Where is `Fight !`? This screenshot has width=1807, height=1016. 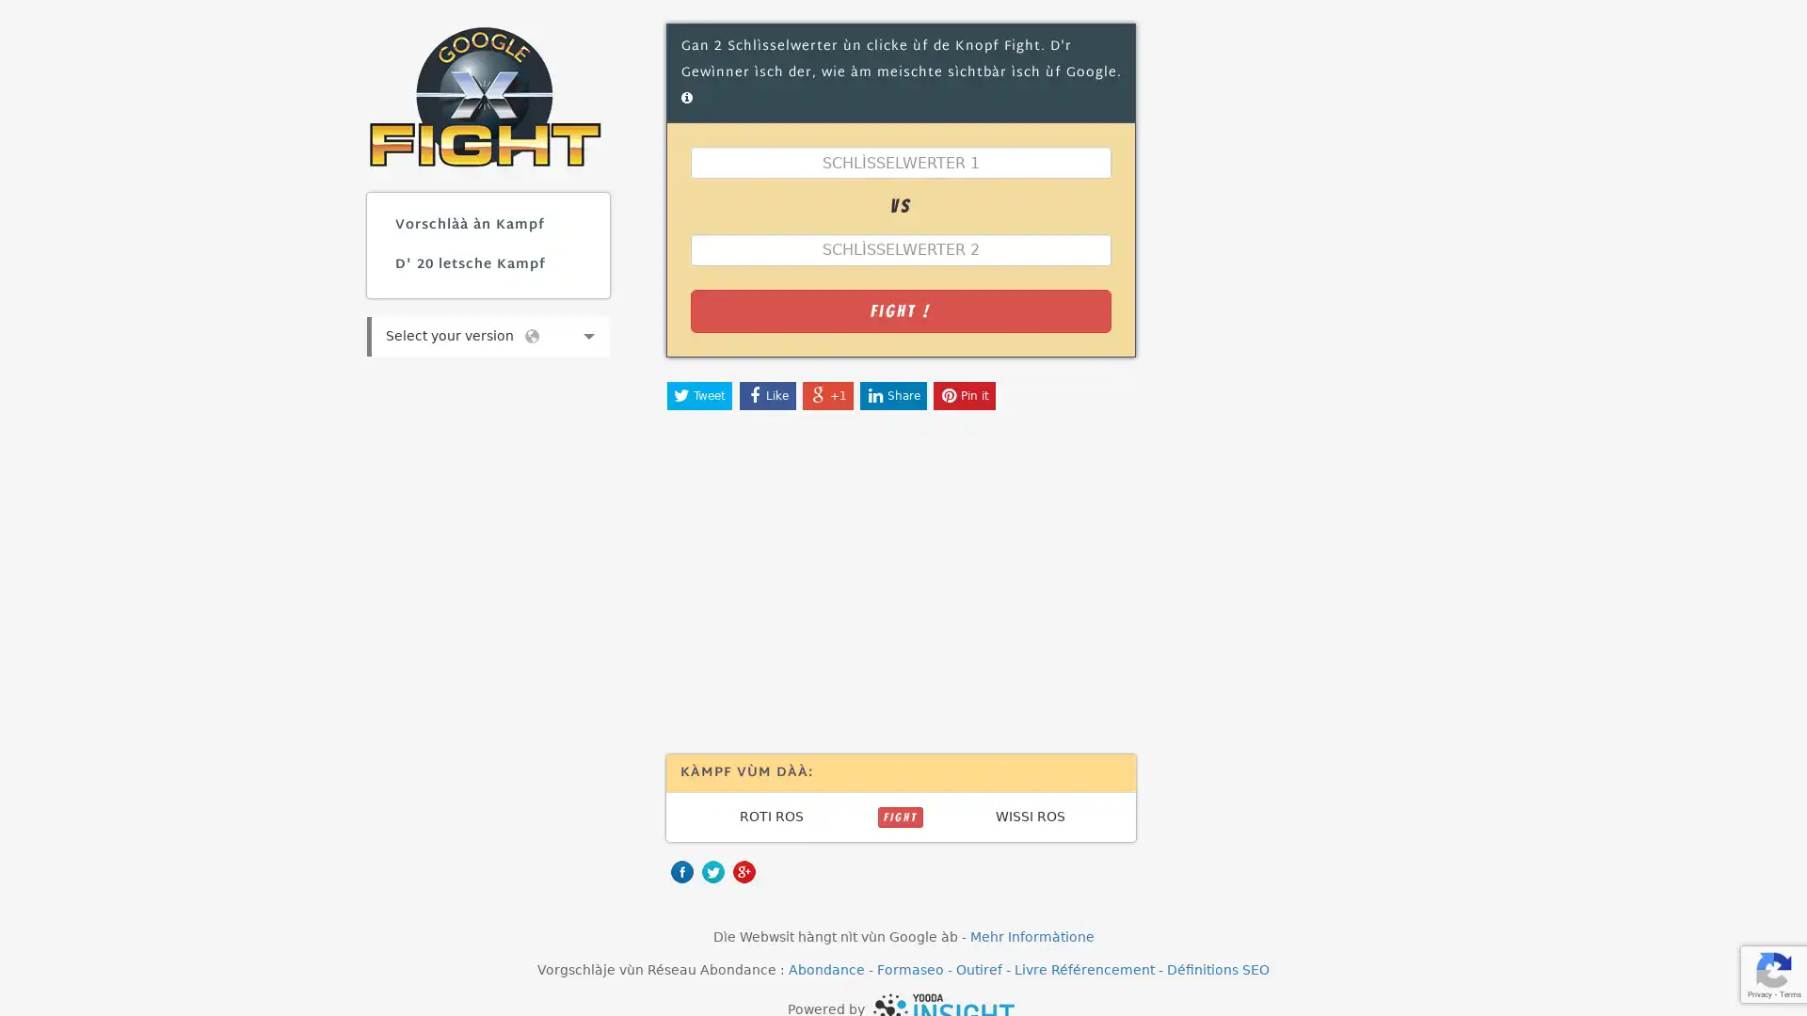
Fight ! is located at coordinates (899, 310).